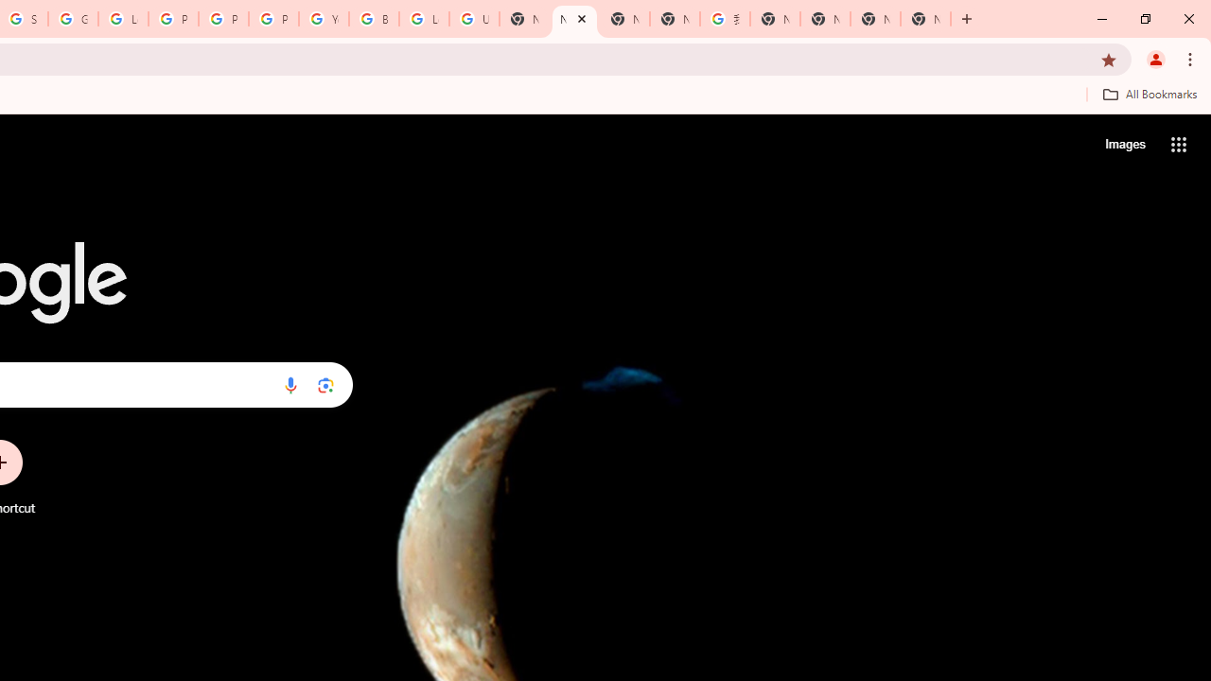  Describe the element at coordinates (325, 384) in the screenshot. I see `'Search by image'` at that location.